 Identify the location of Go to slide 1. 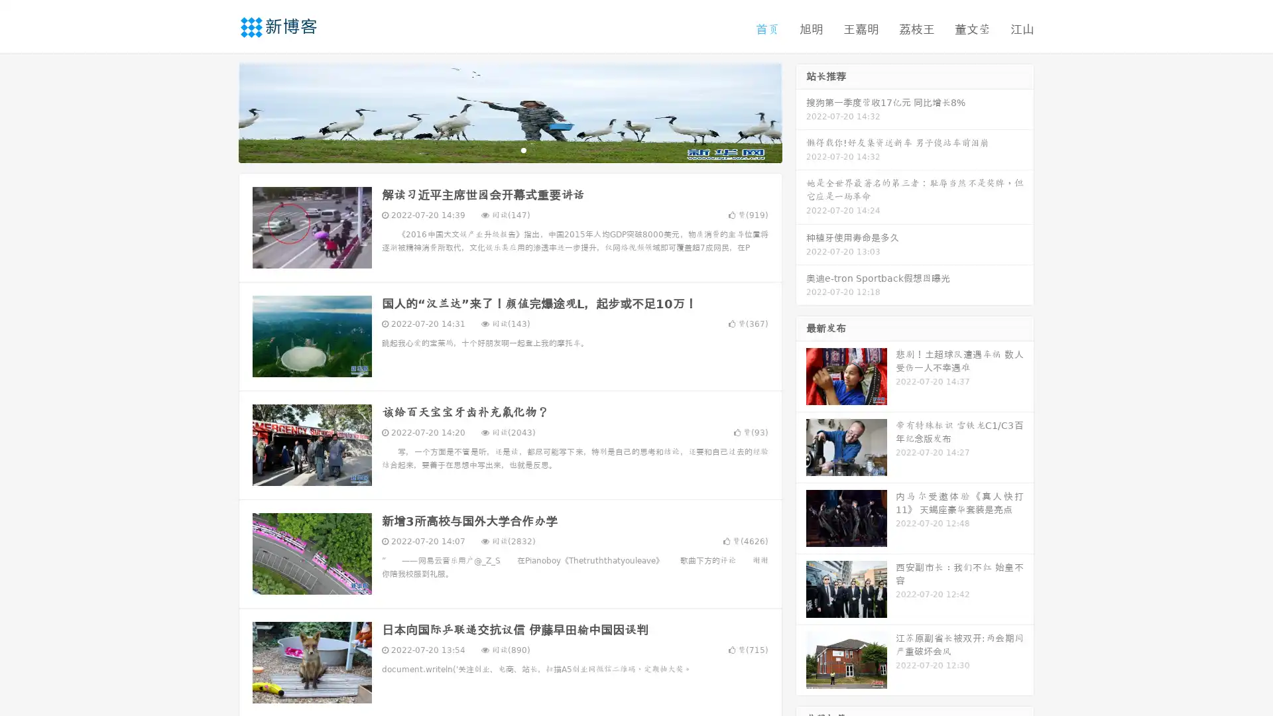
(496, 149).